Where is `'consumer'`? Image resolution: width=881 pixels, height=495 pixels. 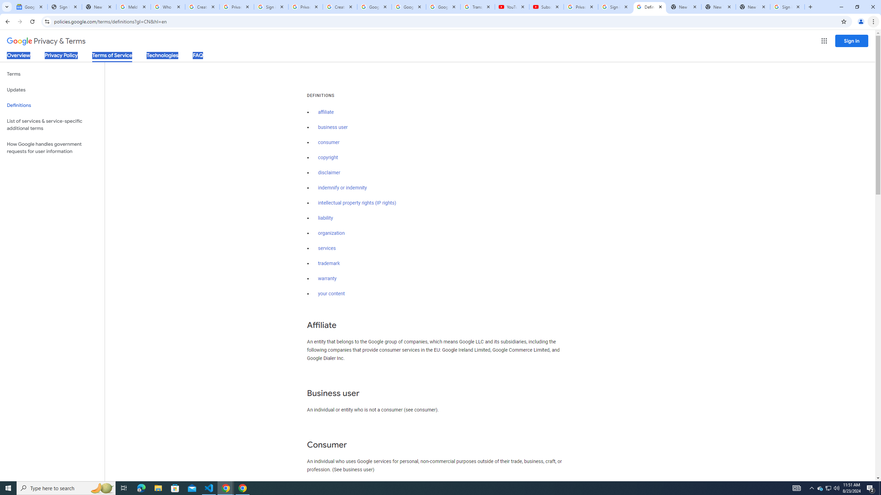
'consumer' is located at coordinates (329, 142).